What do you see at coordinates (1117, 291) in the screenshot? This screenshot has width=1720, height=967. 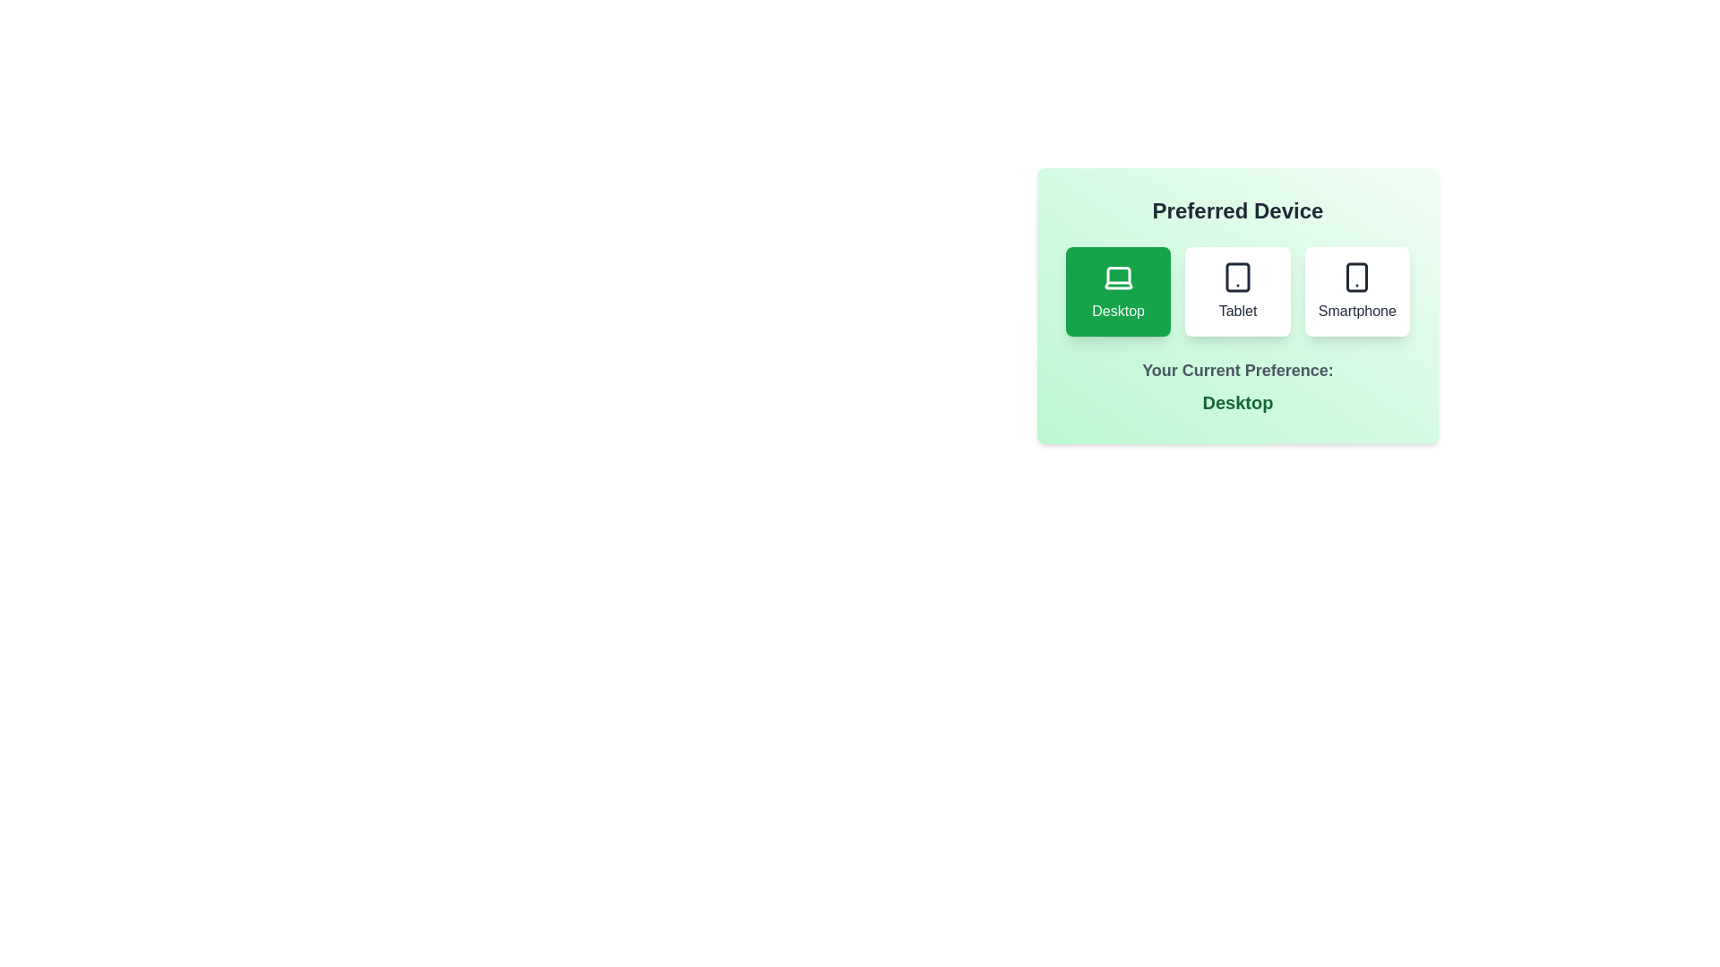 I see `the preferred device by clicking on the corresponding button for Desktop` at bounding box center [1117, 291].